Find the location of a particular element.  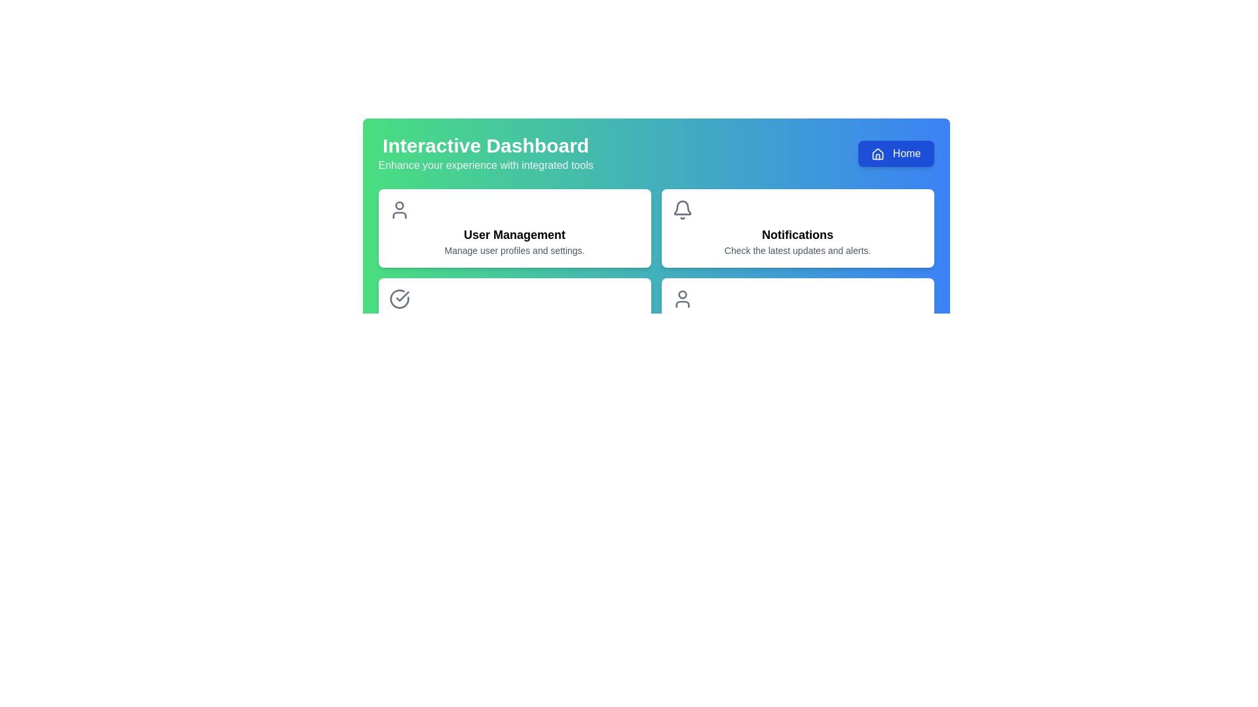

the text label displaying 'Check the latest updates and alerts.' which is positioned below the 'Notifications' title in the upper-right quadrant of the interface is located at coordinates (797, 250).